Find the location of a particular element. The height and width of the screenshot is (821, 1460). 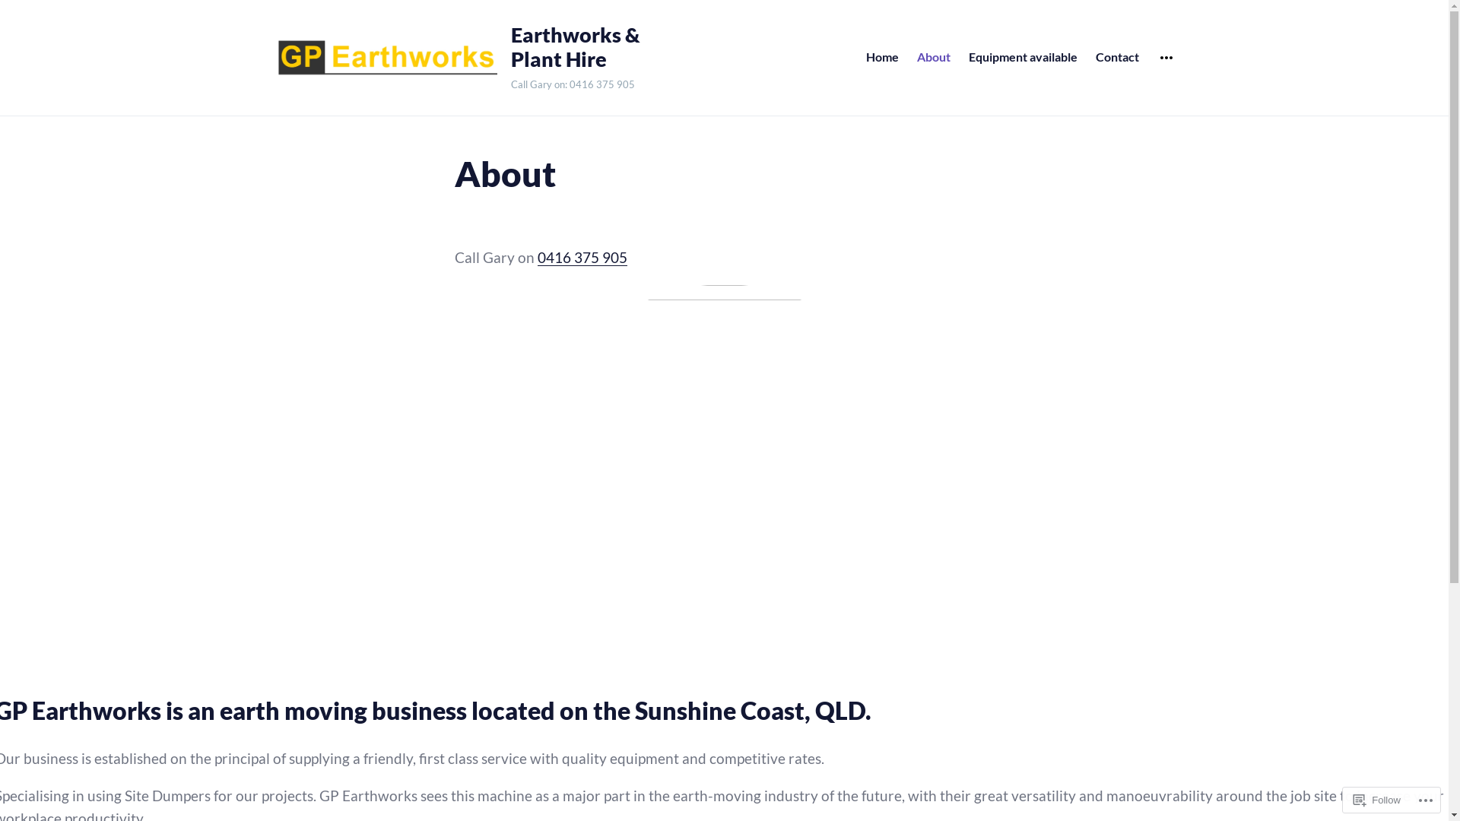

'About' is located at coordinates (933, 56).